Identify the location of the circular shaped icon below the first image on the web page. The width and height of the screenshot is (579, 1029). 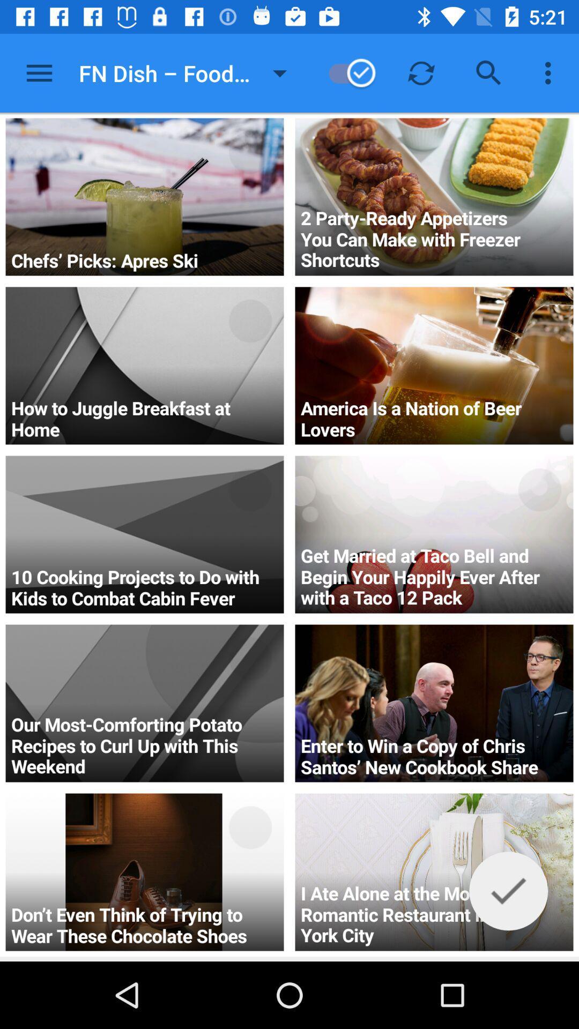
(250, 320).